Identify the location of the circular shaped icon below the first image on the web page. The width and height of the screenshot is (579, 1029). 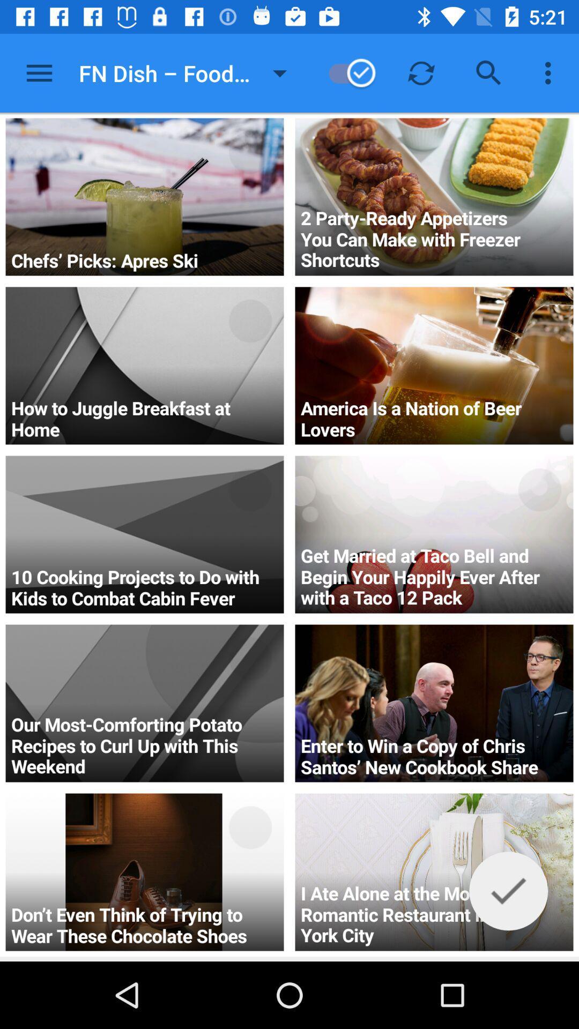
(250, 320).